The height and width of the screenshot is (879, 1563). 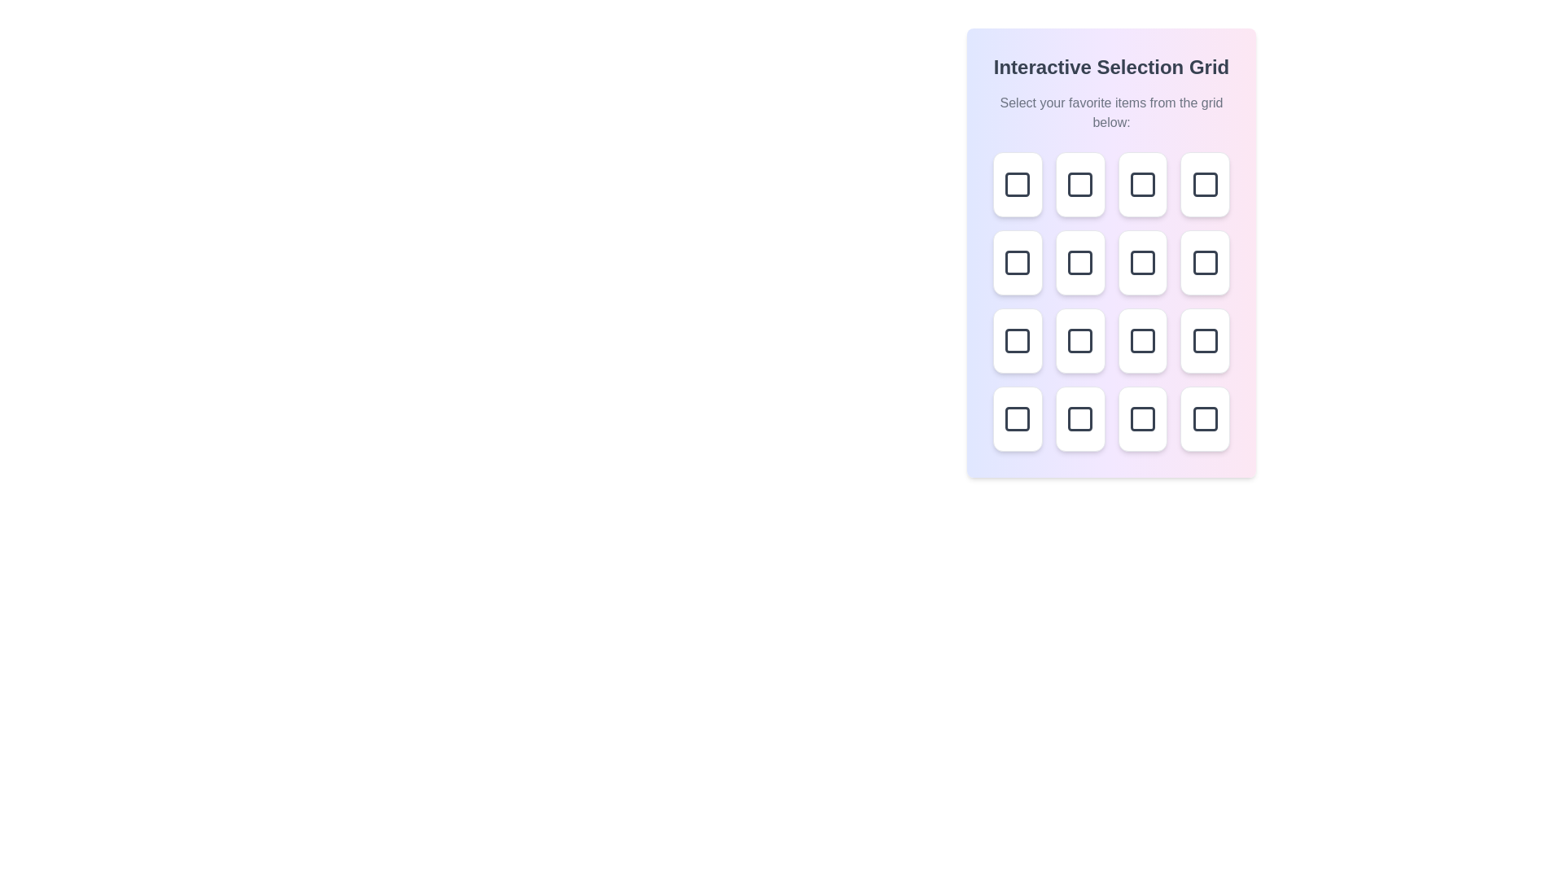 I want to click on the styling of the small rounded rectangle button located in the first square of the first row in the 'Interactive Selection Grid', so click(x=1016, y=184).